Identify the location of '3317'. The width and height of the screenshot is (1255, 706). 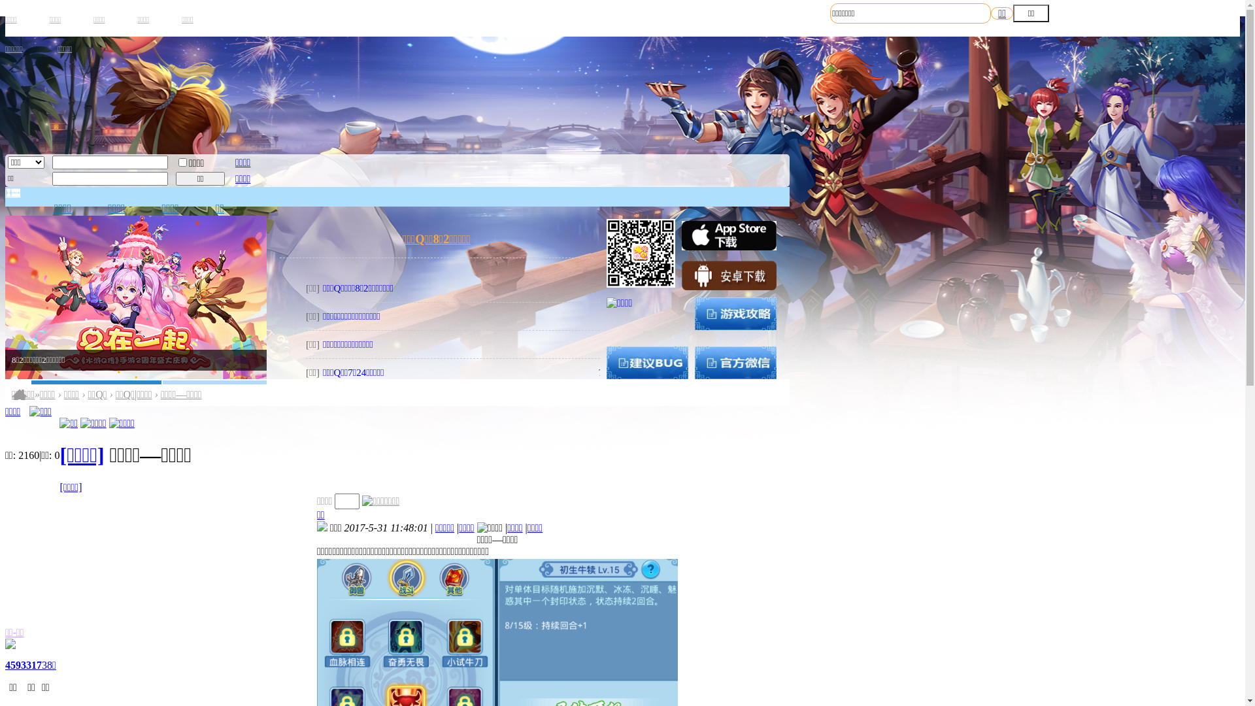
(31, 665).